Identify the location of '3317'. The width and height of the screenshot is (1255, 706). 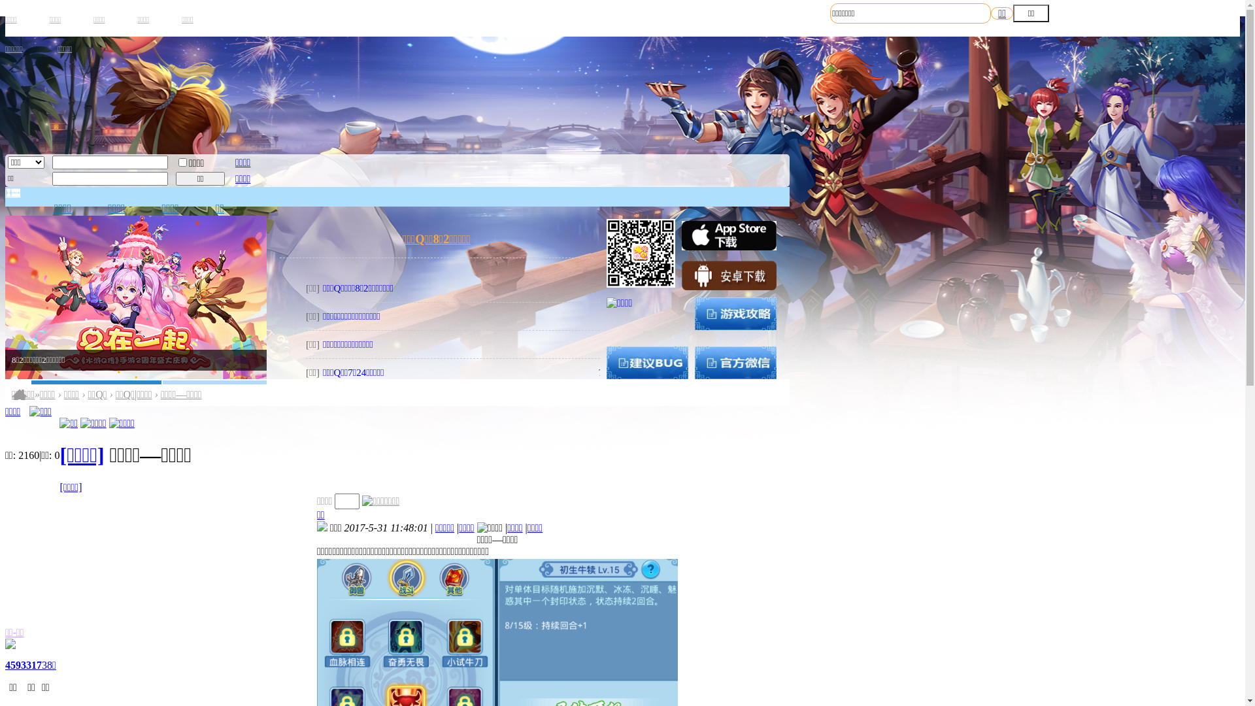
(31, 665).